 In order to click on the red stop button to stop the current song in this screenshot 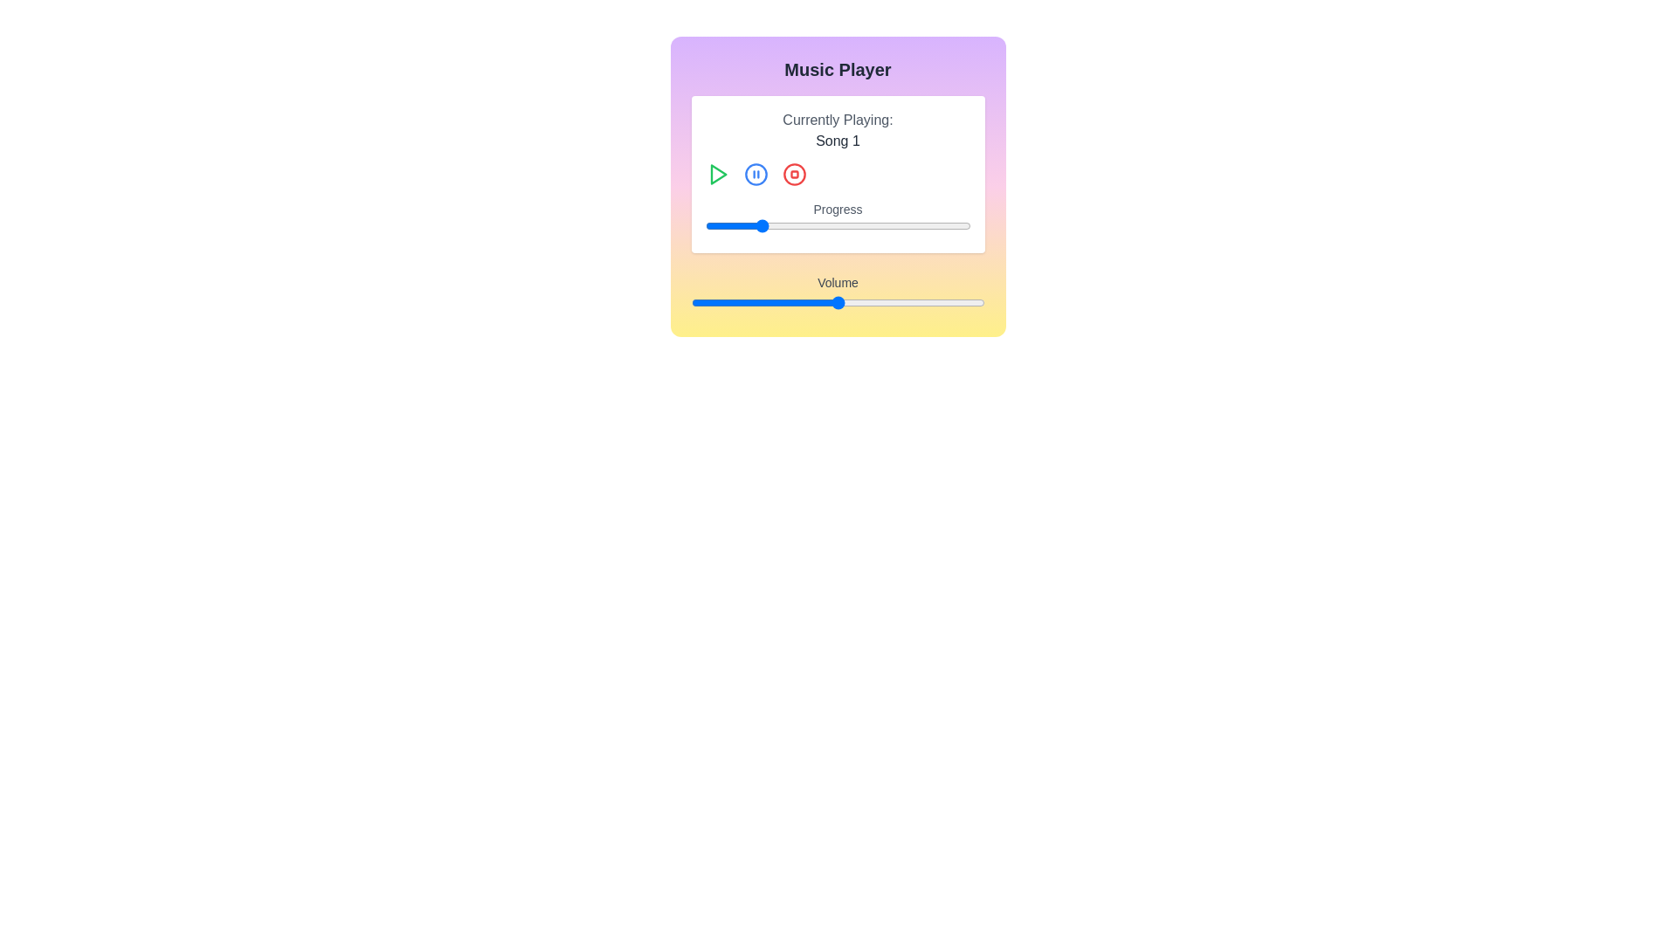, I will do `click(793, 175)`.